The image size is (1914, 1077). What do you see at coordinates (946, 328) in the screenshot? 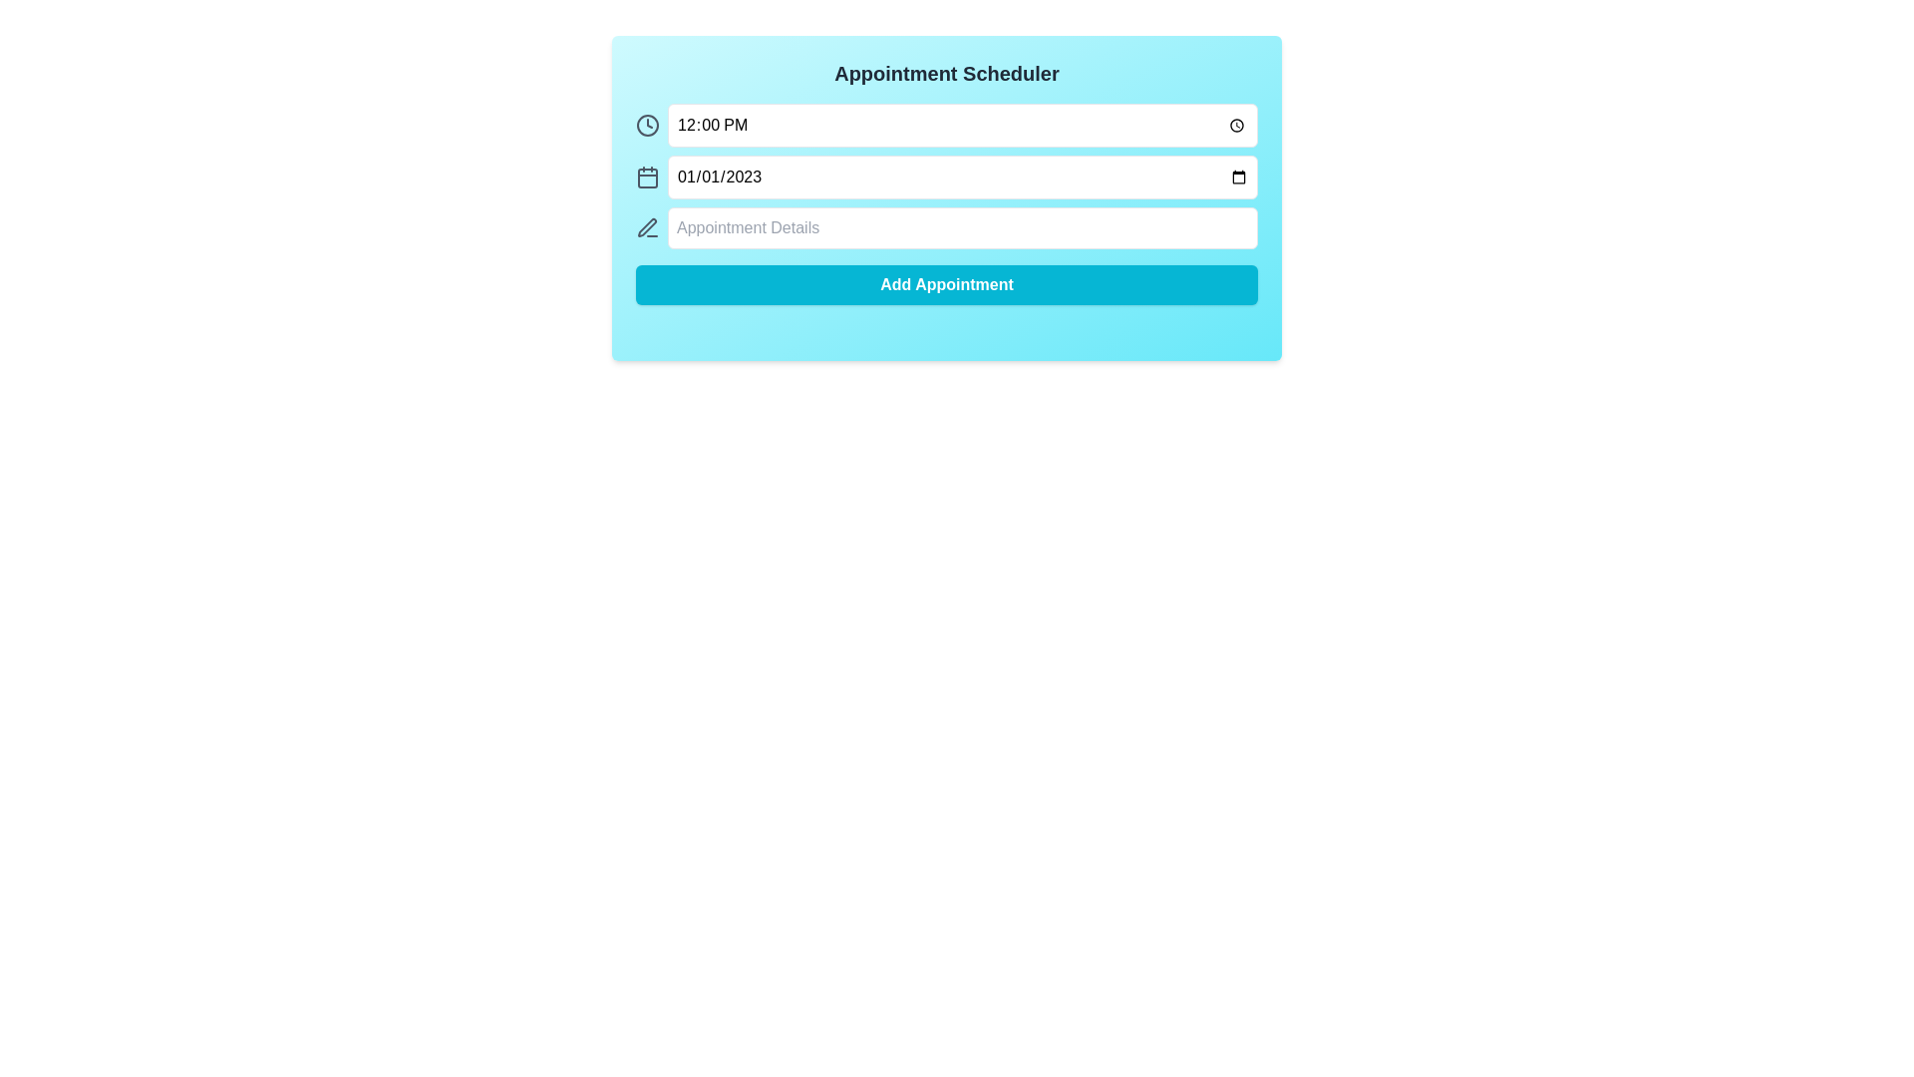
I see `the visual separator divider located below the 'Add Appointment' button in the scheduler interface` at bounding box center [946, 328].